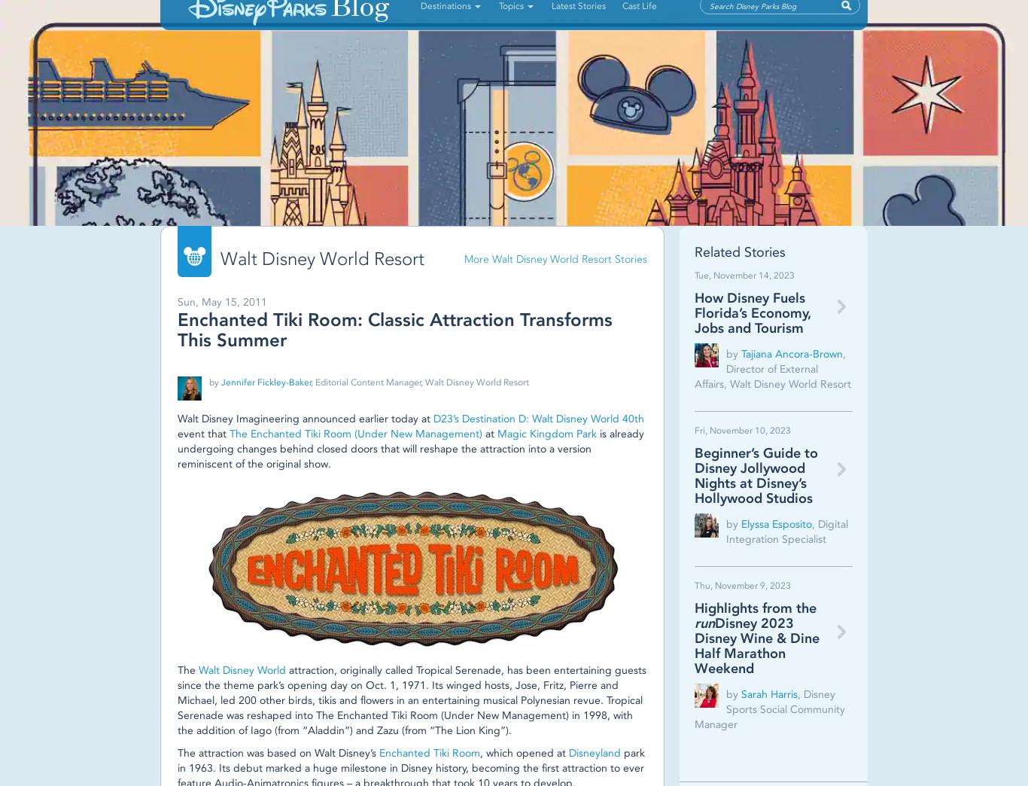 The image size is (1028, 786). What do you see at coordinates (446, 43) in the screenshot?
I see `'Destinations'` at bounding box center [446, 43].